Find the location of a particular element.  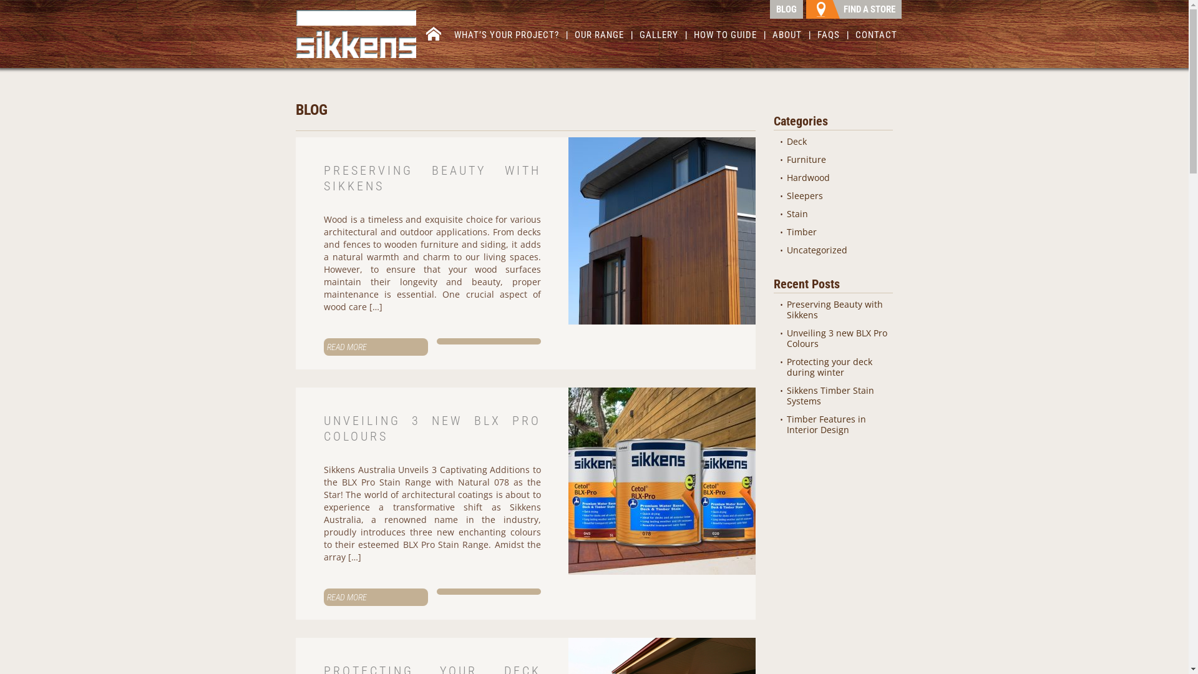

'Unveiling 3 new BLX Pro Colours' is located at coordinates (786, 338).